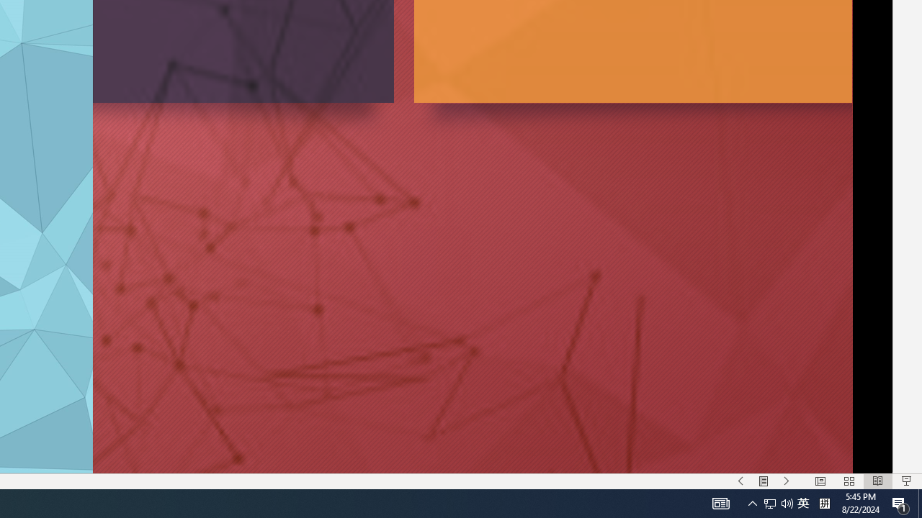 This screenshot has width=922, height=518. Describe the element at coordinates (786, 481) in the screenshot. I see `'Slide Show Next On'` at that location.